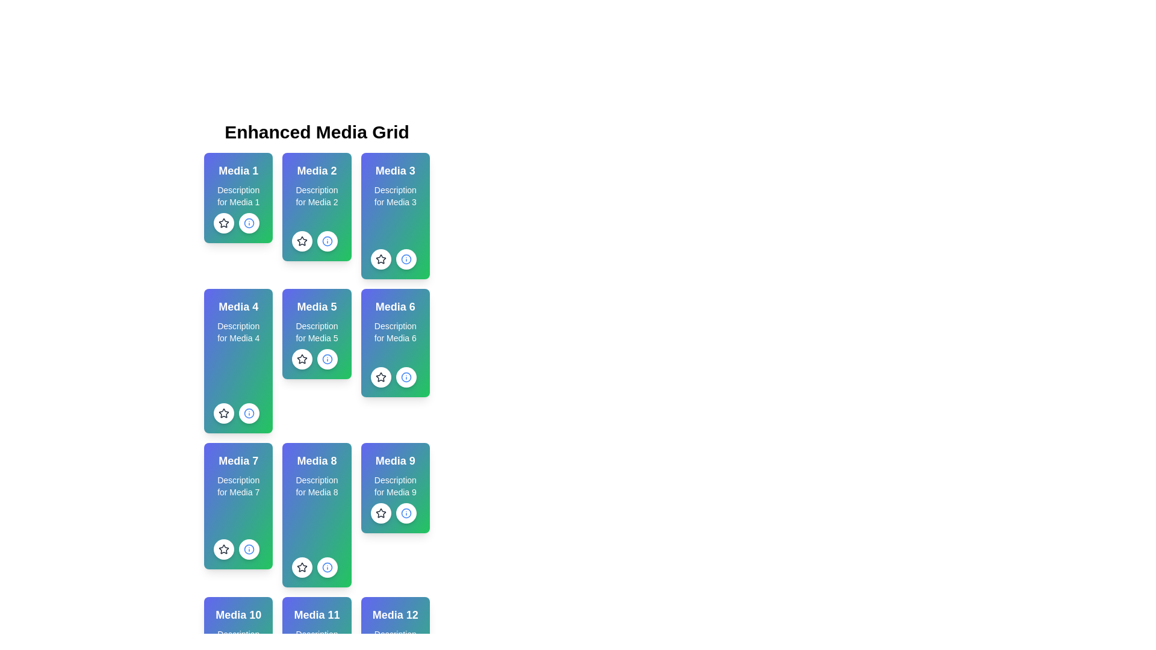  What do you see at coordinates (328, 241) in the screenshot?
I see `the Information Icon located at the bottom-right of the 'Media 5' card, which provides an informational link` at bounding box center [328, 241].